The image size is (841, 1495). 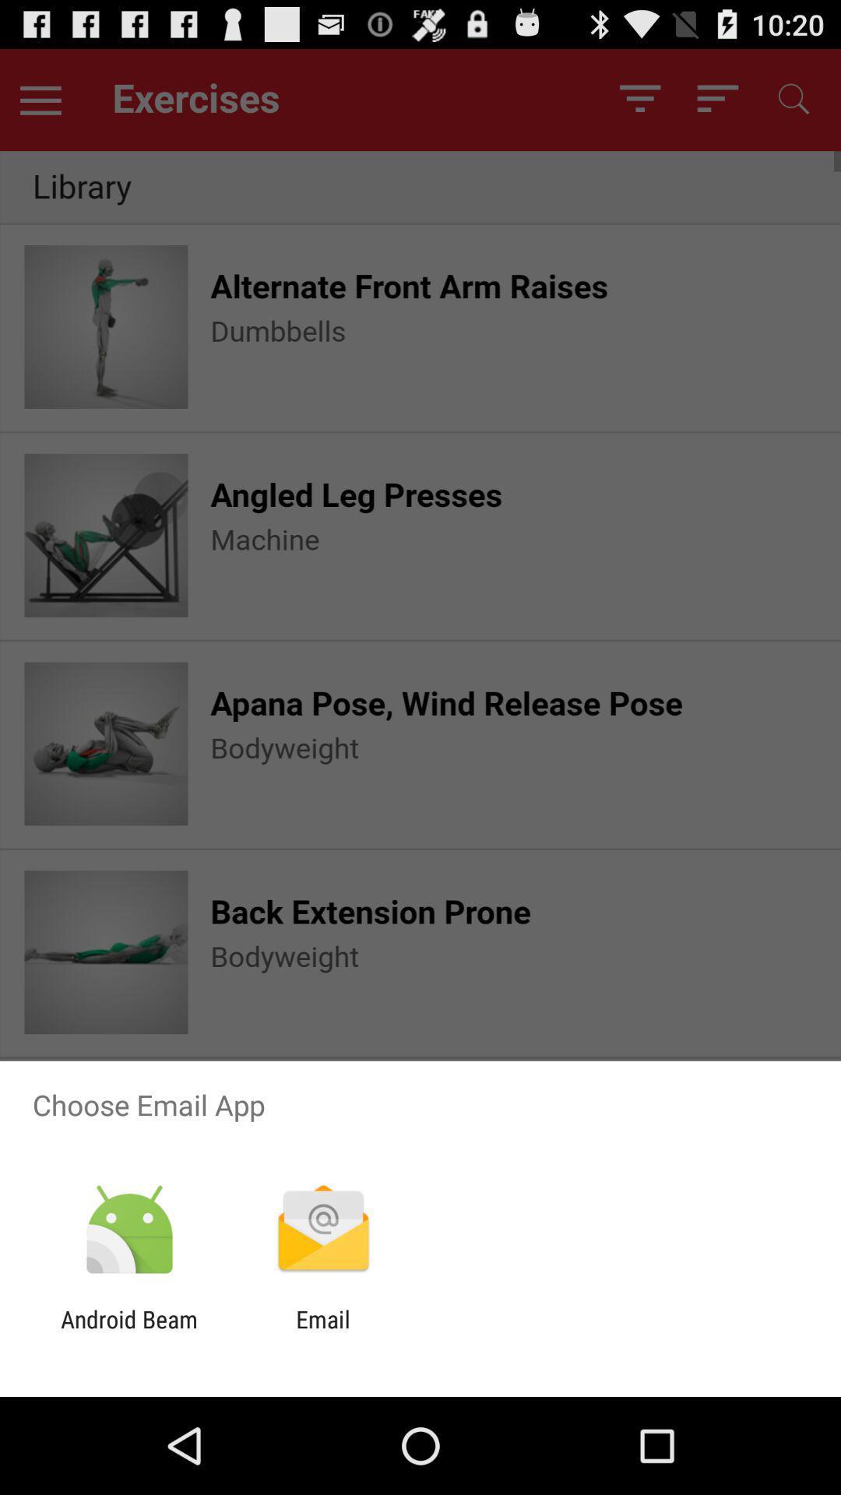 I want to click on the icon next to the email app, so click(x=128, y=1332).